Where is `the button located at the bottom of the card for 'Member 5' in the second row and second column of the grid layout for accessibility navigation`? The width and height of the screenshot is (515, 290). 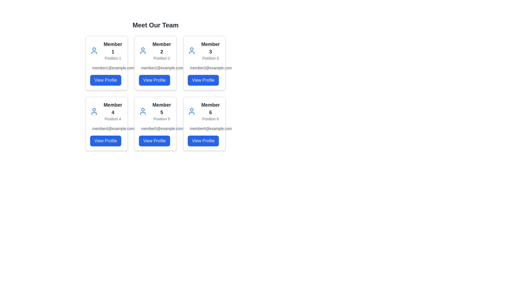 the button located at the bottom of the card for 'Member 5' in the second row and second column of the grid layout for accessibility navigation is located at coordinates (154, 140).